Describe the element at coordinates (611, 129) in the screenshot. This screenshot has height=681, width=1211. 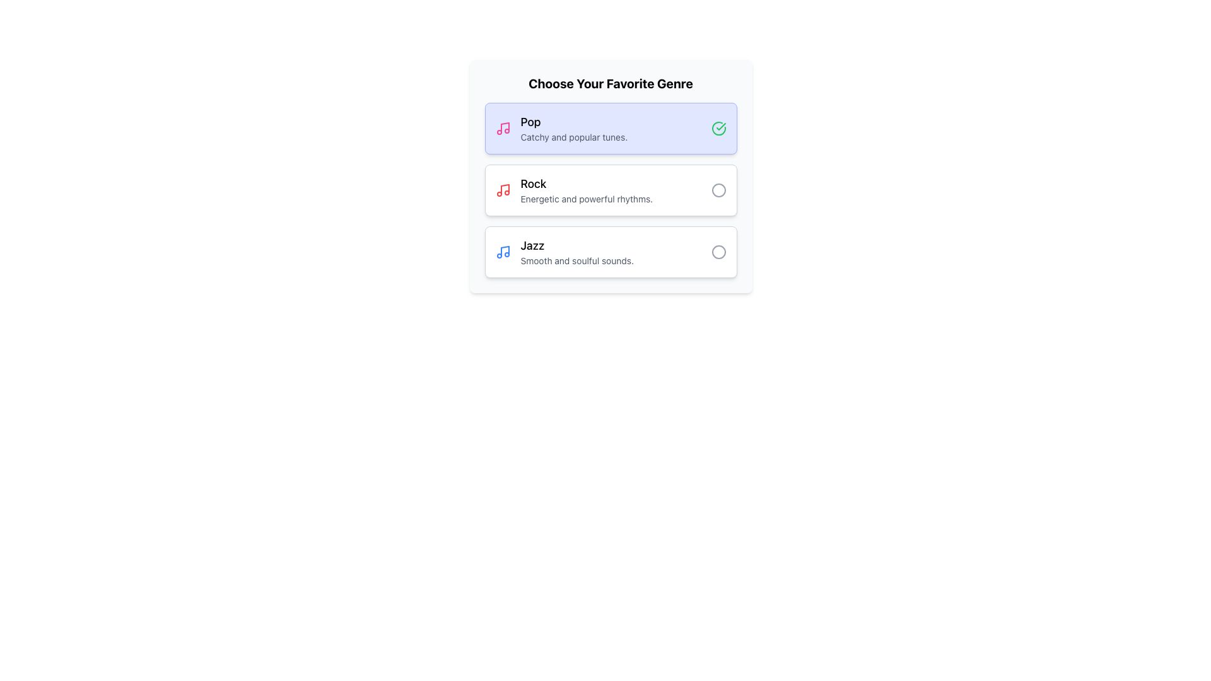
I see `the 'Pop' music genre card button, which is the first item in a vertical list under the 'Choose Your Favorite Genre.' header` at that location.